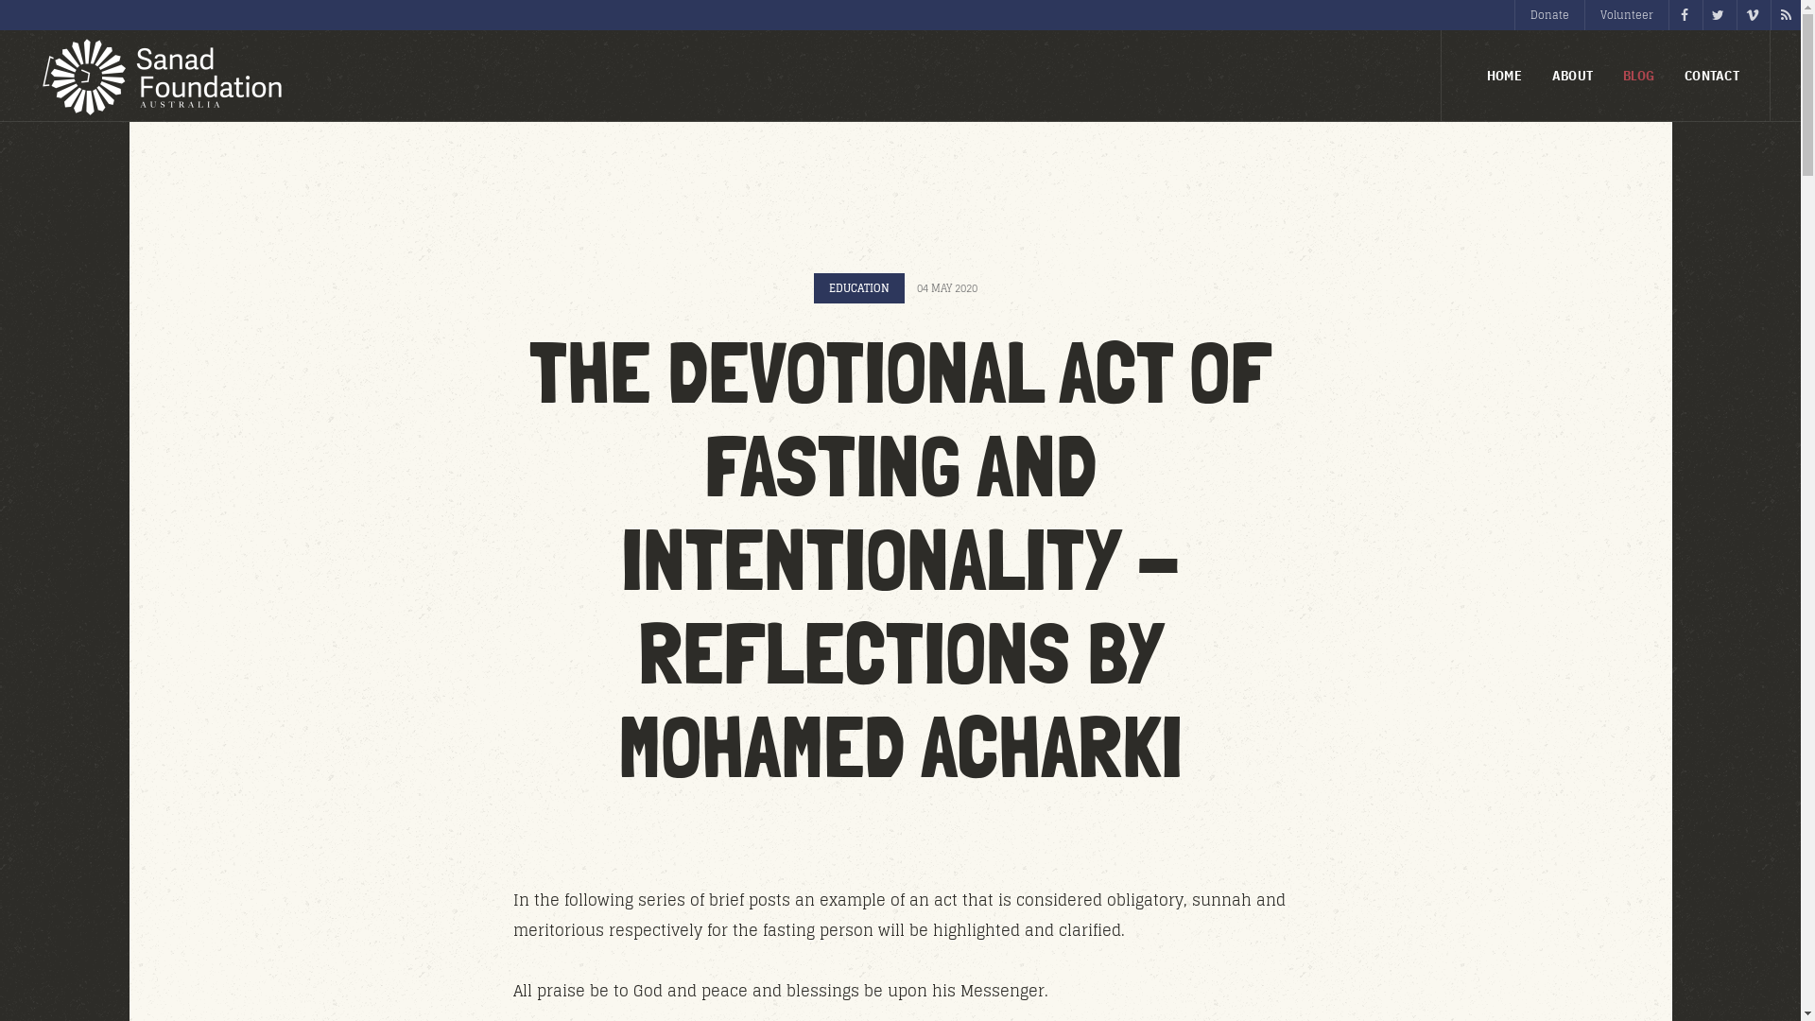 This screenshot has height=1021, width=1815. What do you see at coordinates (159, 76) in the screenshot?
I see `'Sanad Foundation'` at bounding box center [159, 76].